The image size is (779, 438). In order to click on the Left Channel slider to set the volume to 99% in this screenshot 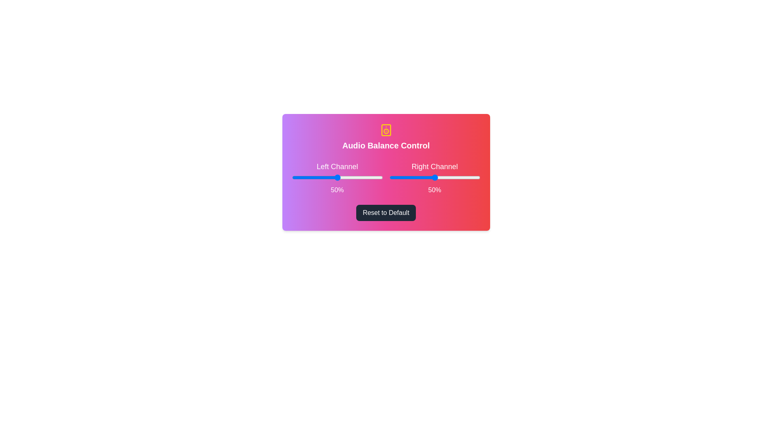, I will do `click(381, 177)`.